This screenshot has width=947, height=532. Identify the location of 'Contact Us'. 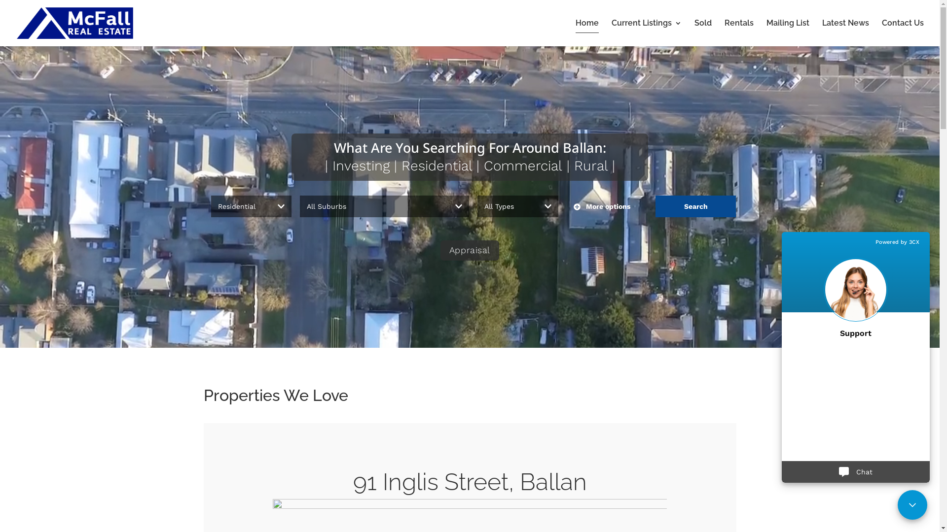
(903, 32).